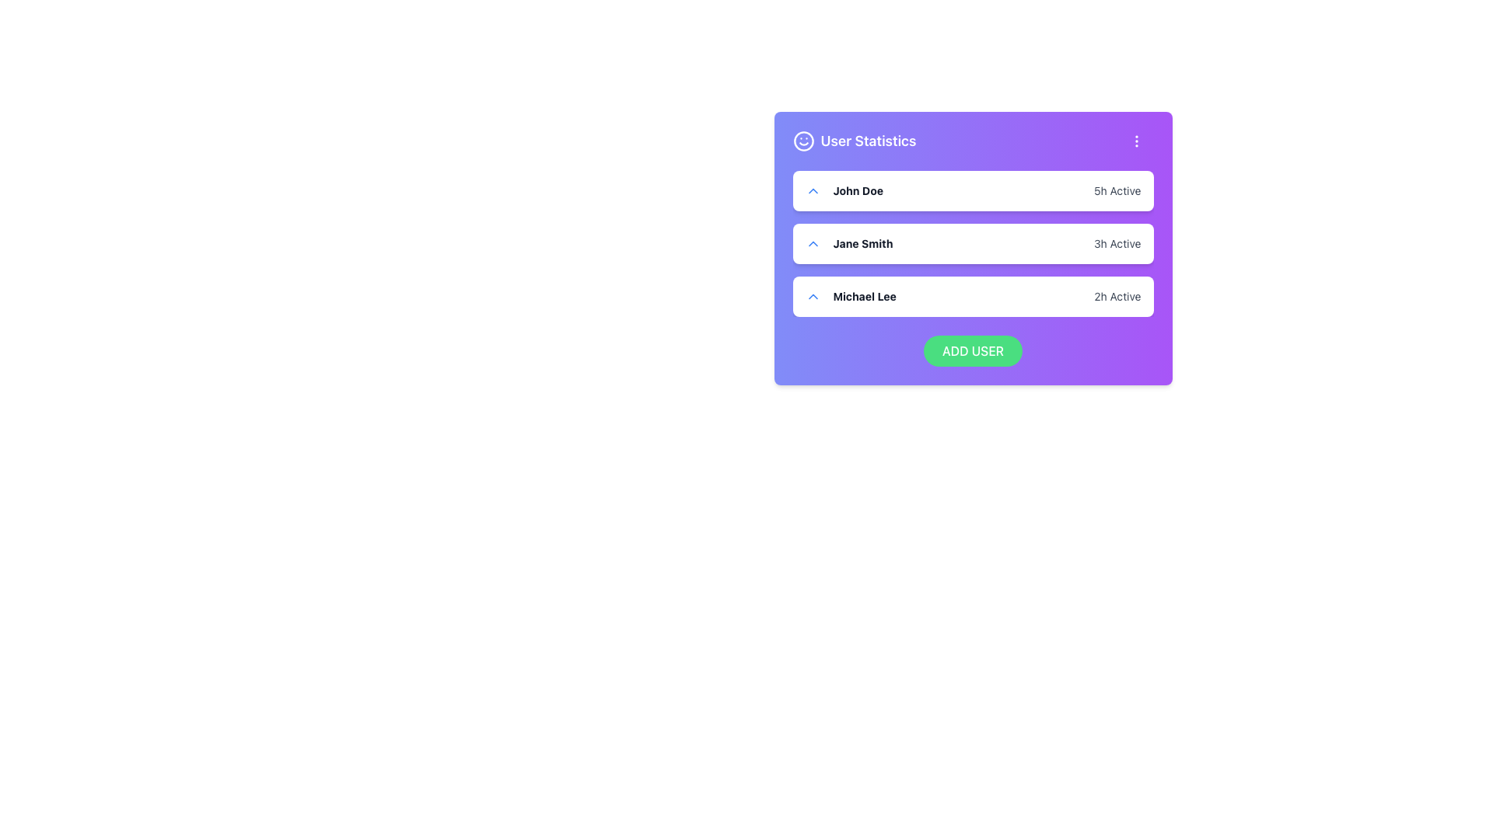 This screenshot has height=839, width=1493. Describe the element at coordinates (972, 243) in the screenshot. I see `information displayed in the second row of the user statistics section, which shows 'Jane Smith' as the user's name and '3h Active' as the activity description` at that location.